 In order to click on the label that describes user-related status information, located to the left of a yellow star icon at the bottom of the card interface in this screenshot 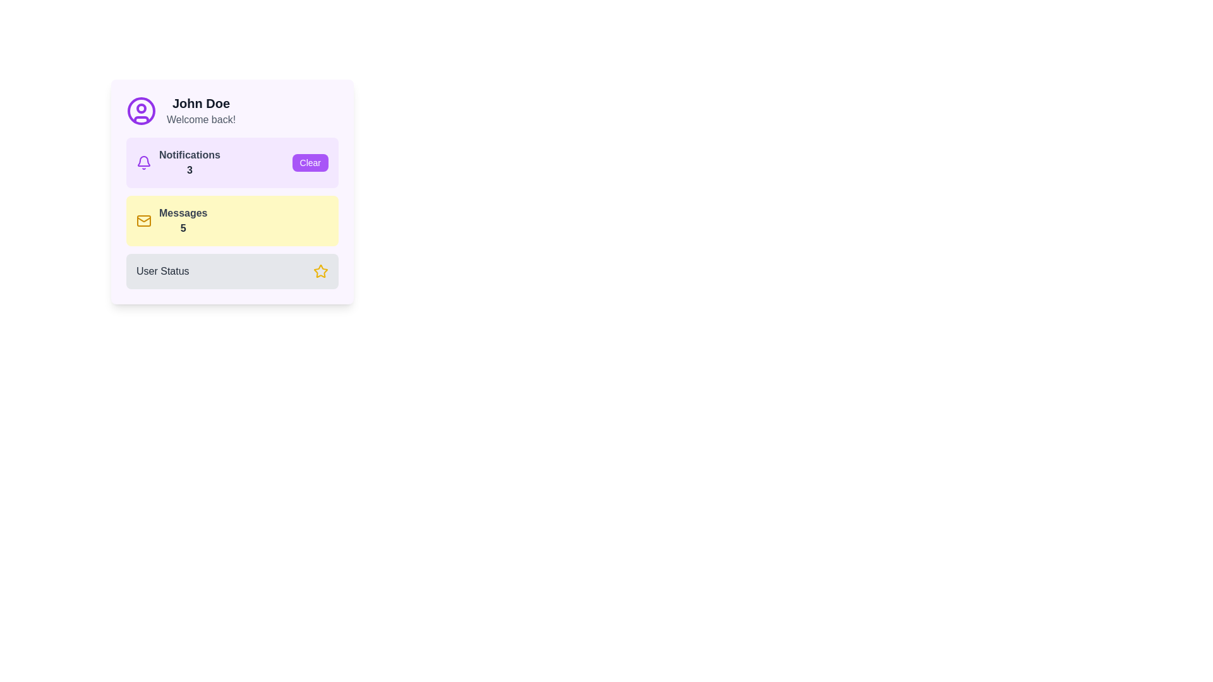, I will do `click(162, 270)`.